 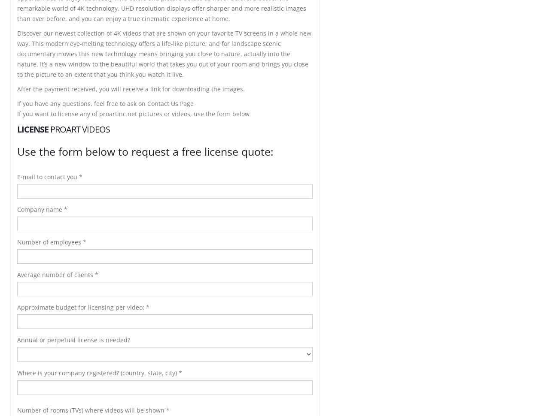 I want to click on 'Number of employees *', so click(x=52, y=241).